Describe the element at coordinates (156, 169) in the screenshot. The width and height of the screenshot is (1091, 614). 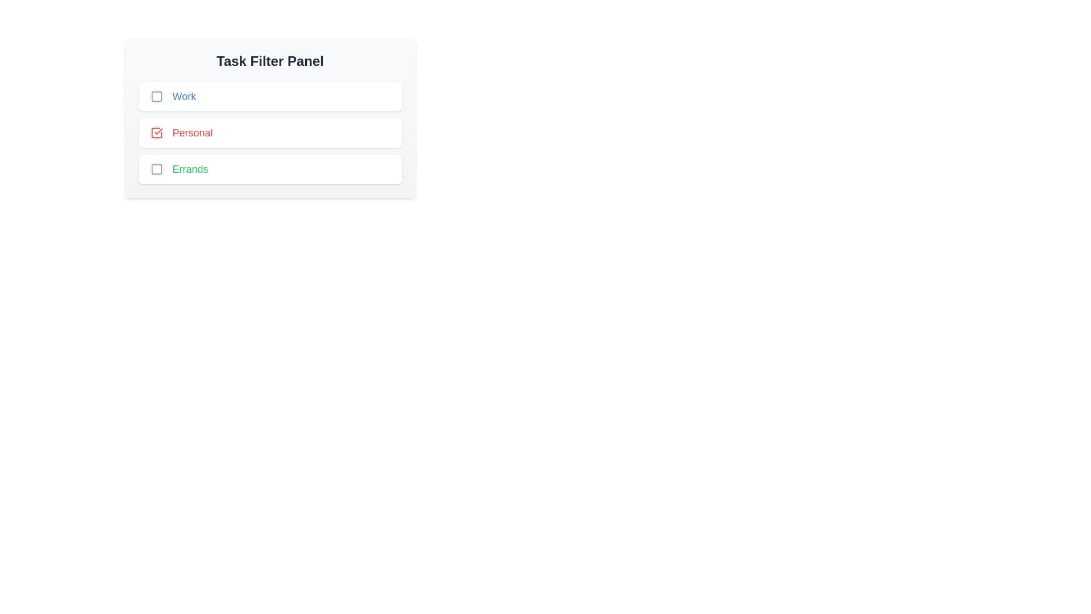
I see `the 'Errands' checkbox, which is the third square icon in the vertical list of selectable items under the 'Task Filter Panel'` at that location.